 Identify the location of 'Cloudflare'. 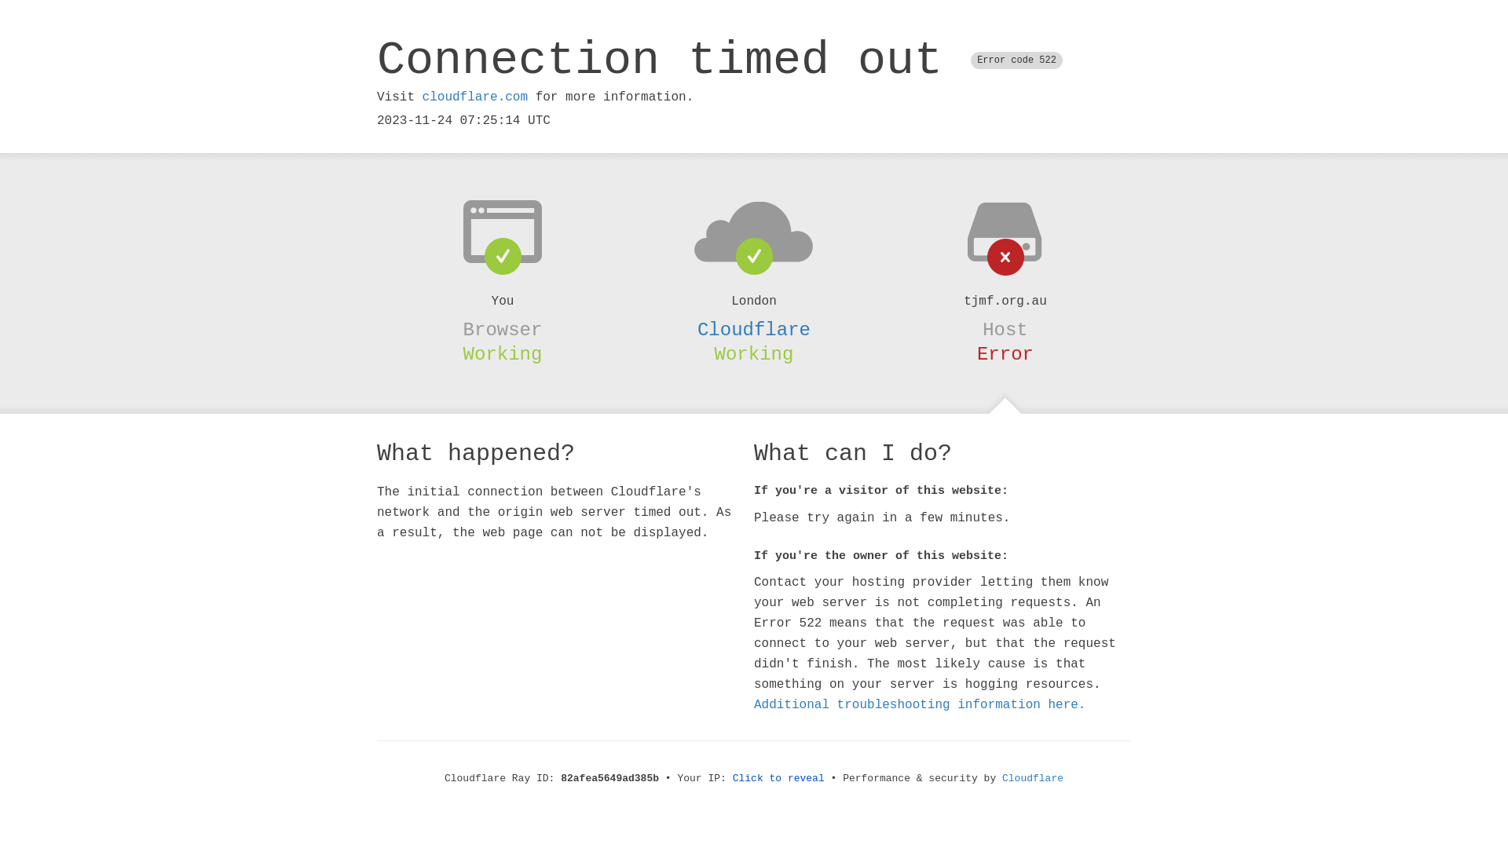
(1033, 778).